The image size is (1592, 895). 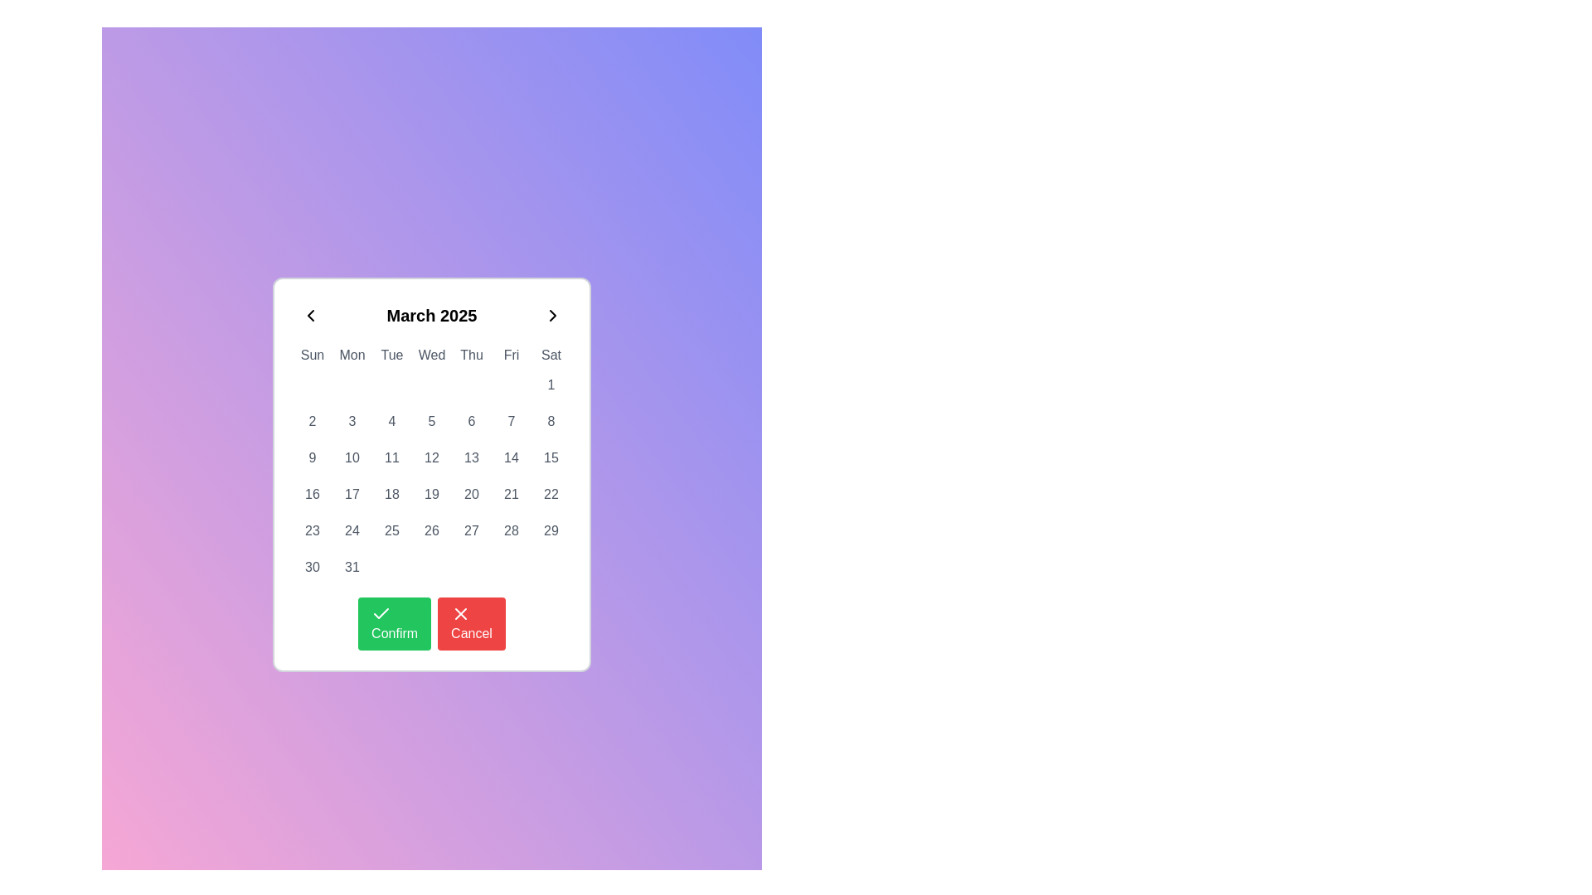 I want to click on the button located in the top-right corner of the calendar header displaying 'March 2025', so click(x=553, y=316).